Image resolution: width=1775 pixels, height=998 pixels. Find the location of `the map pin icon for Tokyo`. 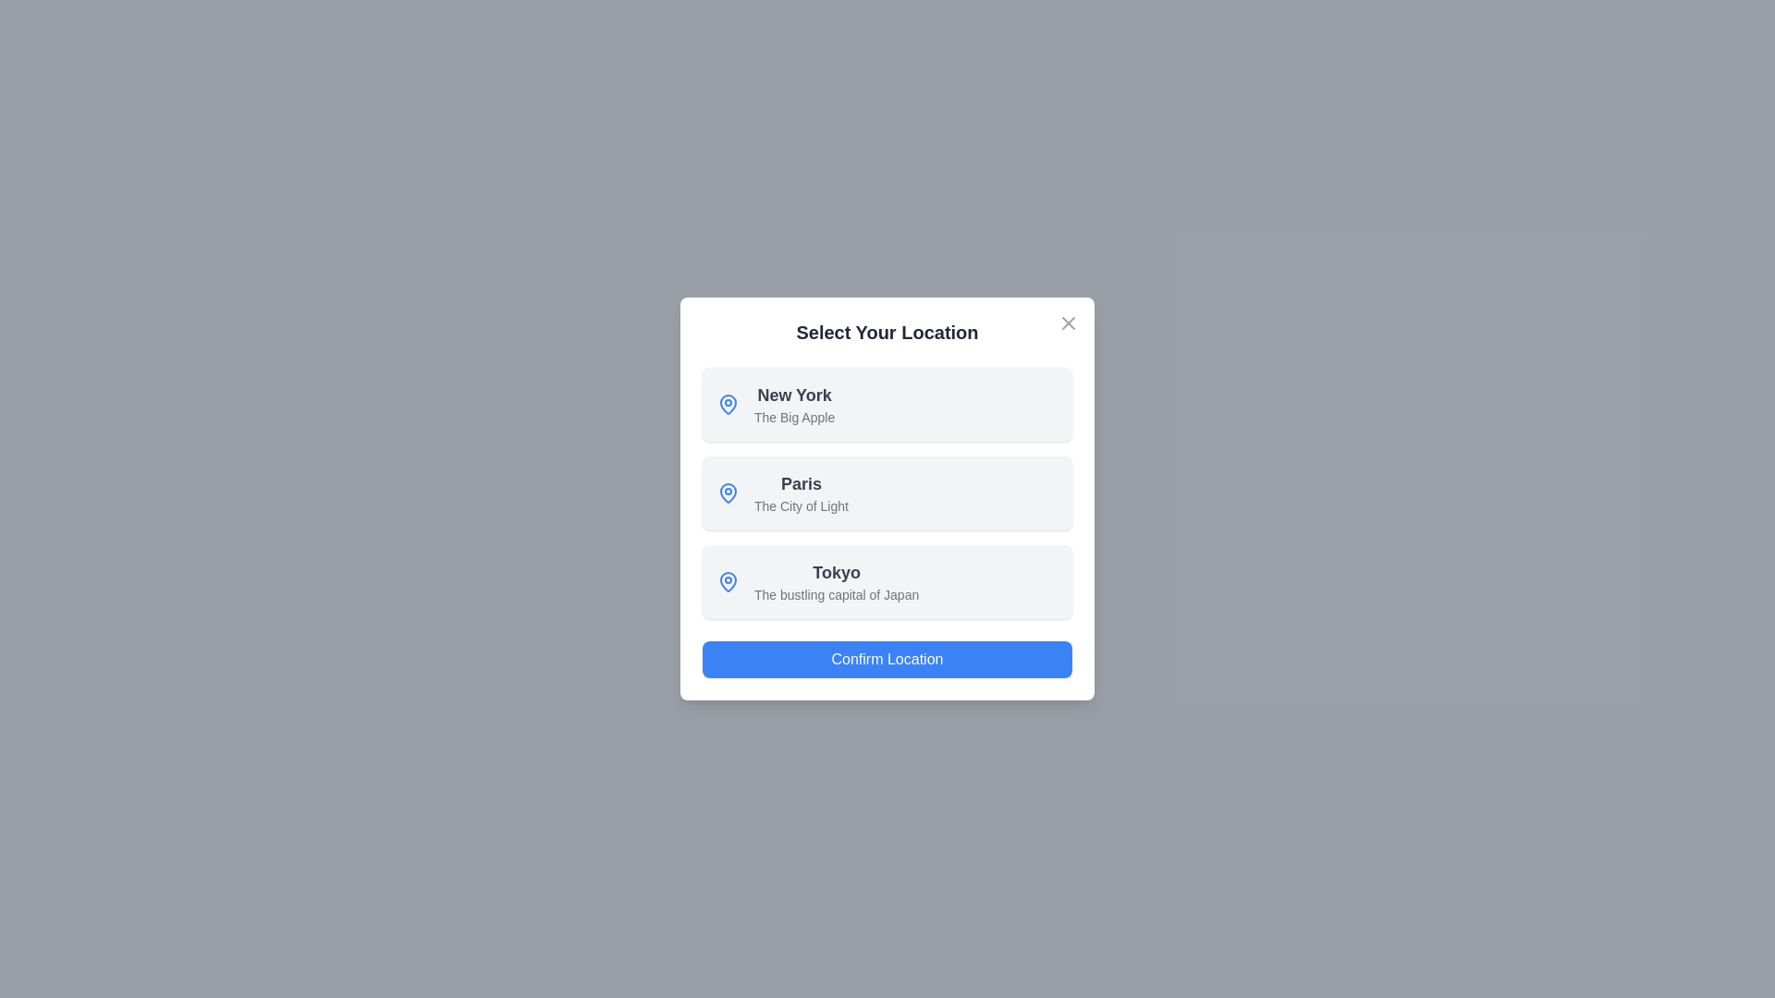

the map pin icon for Tokyo is located at coordinates (727, 580).